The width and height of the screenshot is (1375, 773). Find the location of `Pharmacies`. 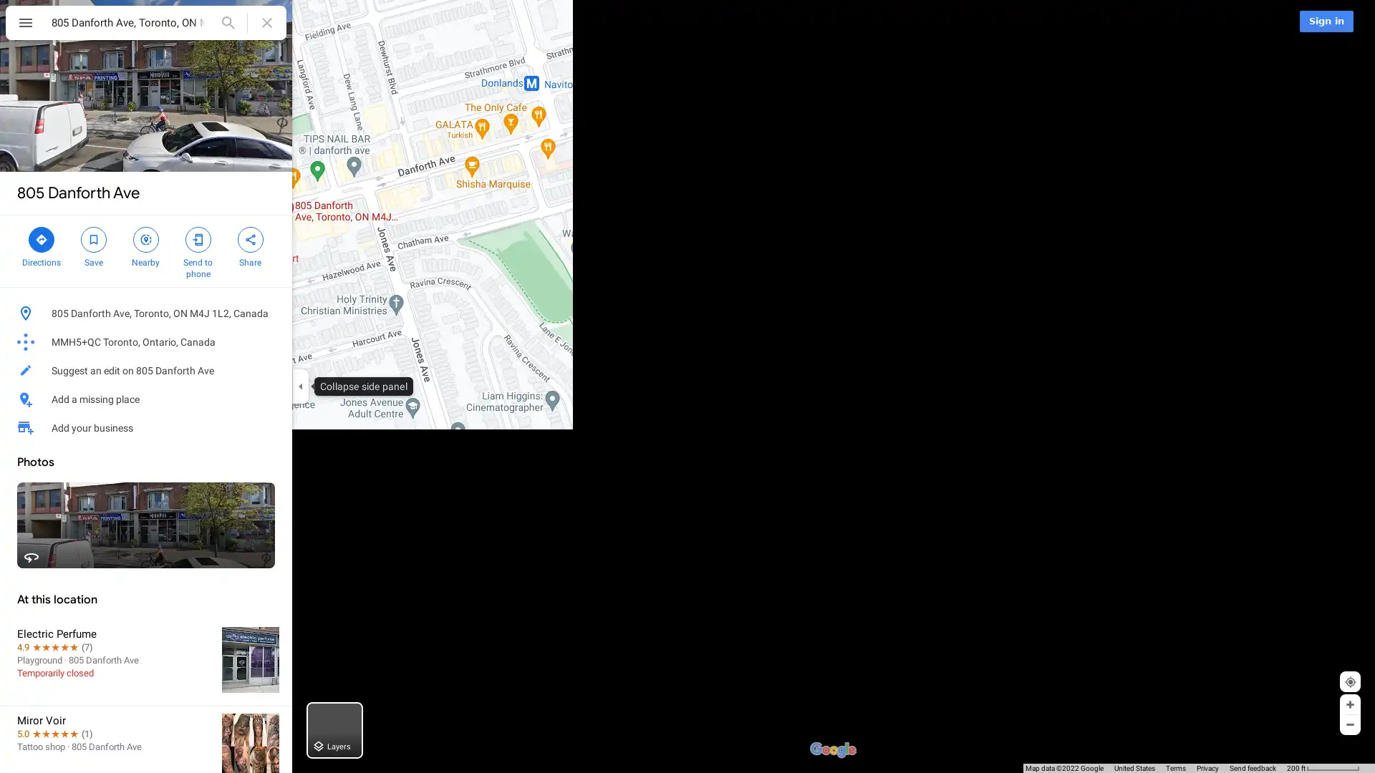

Pharmacies is located at coordinates (734, 22).